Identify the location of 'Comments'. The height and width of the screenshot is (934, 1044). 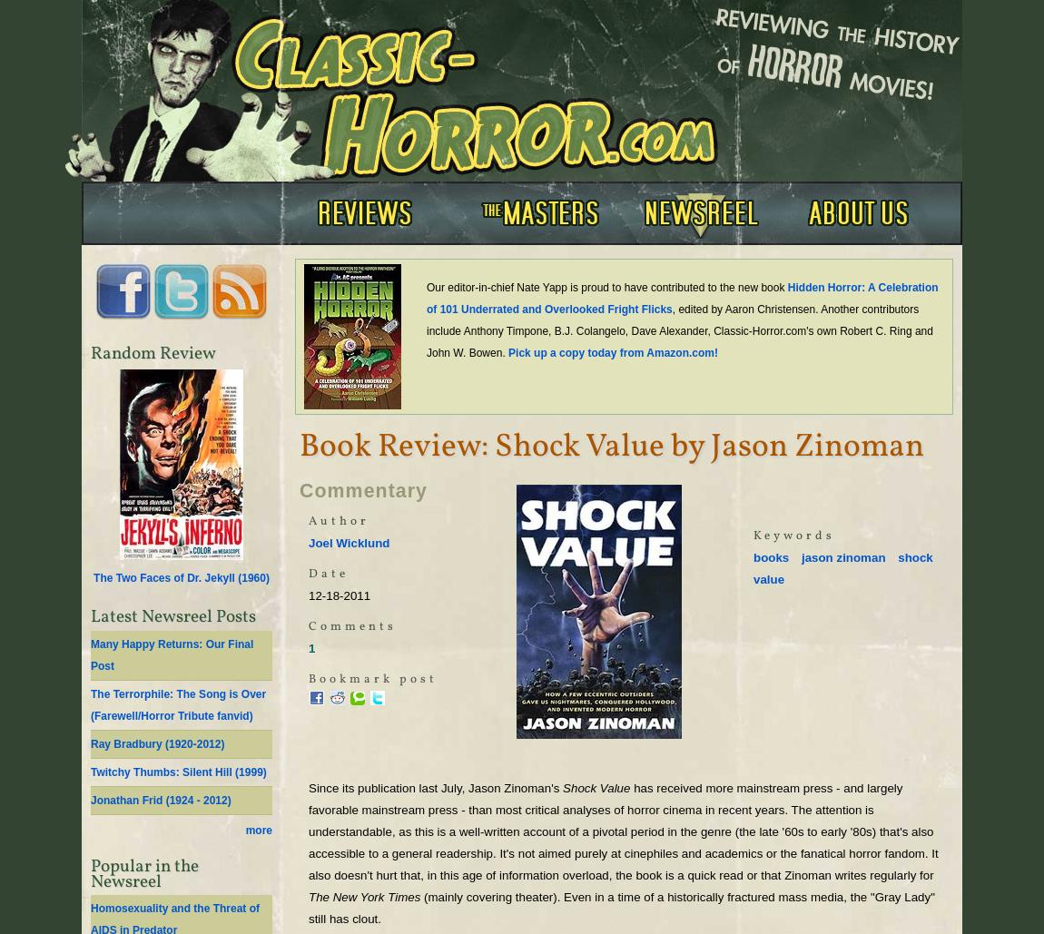
(352, 625).